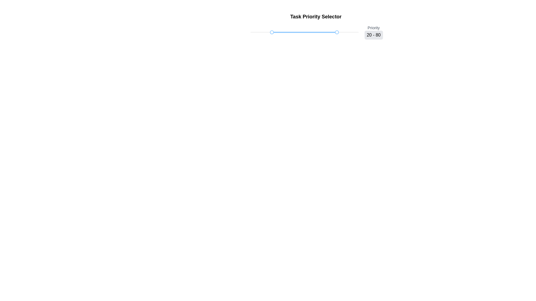 This screenshot has height=301, width=536. What do you see at coordinates (374, 35) in the screenshot?
I see `displayed range of the badge-style Display label located in the top-right of the interface, below the 'Priority' label and next to the 'Task Priority Selector'` at bounding box center [374, 35].